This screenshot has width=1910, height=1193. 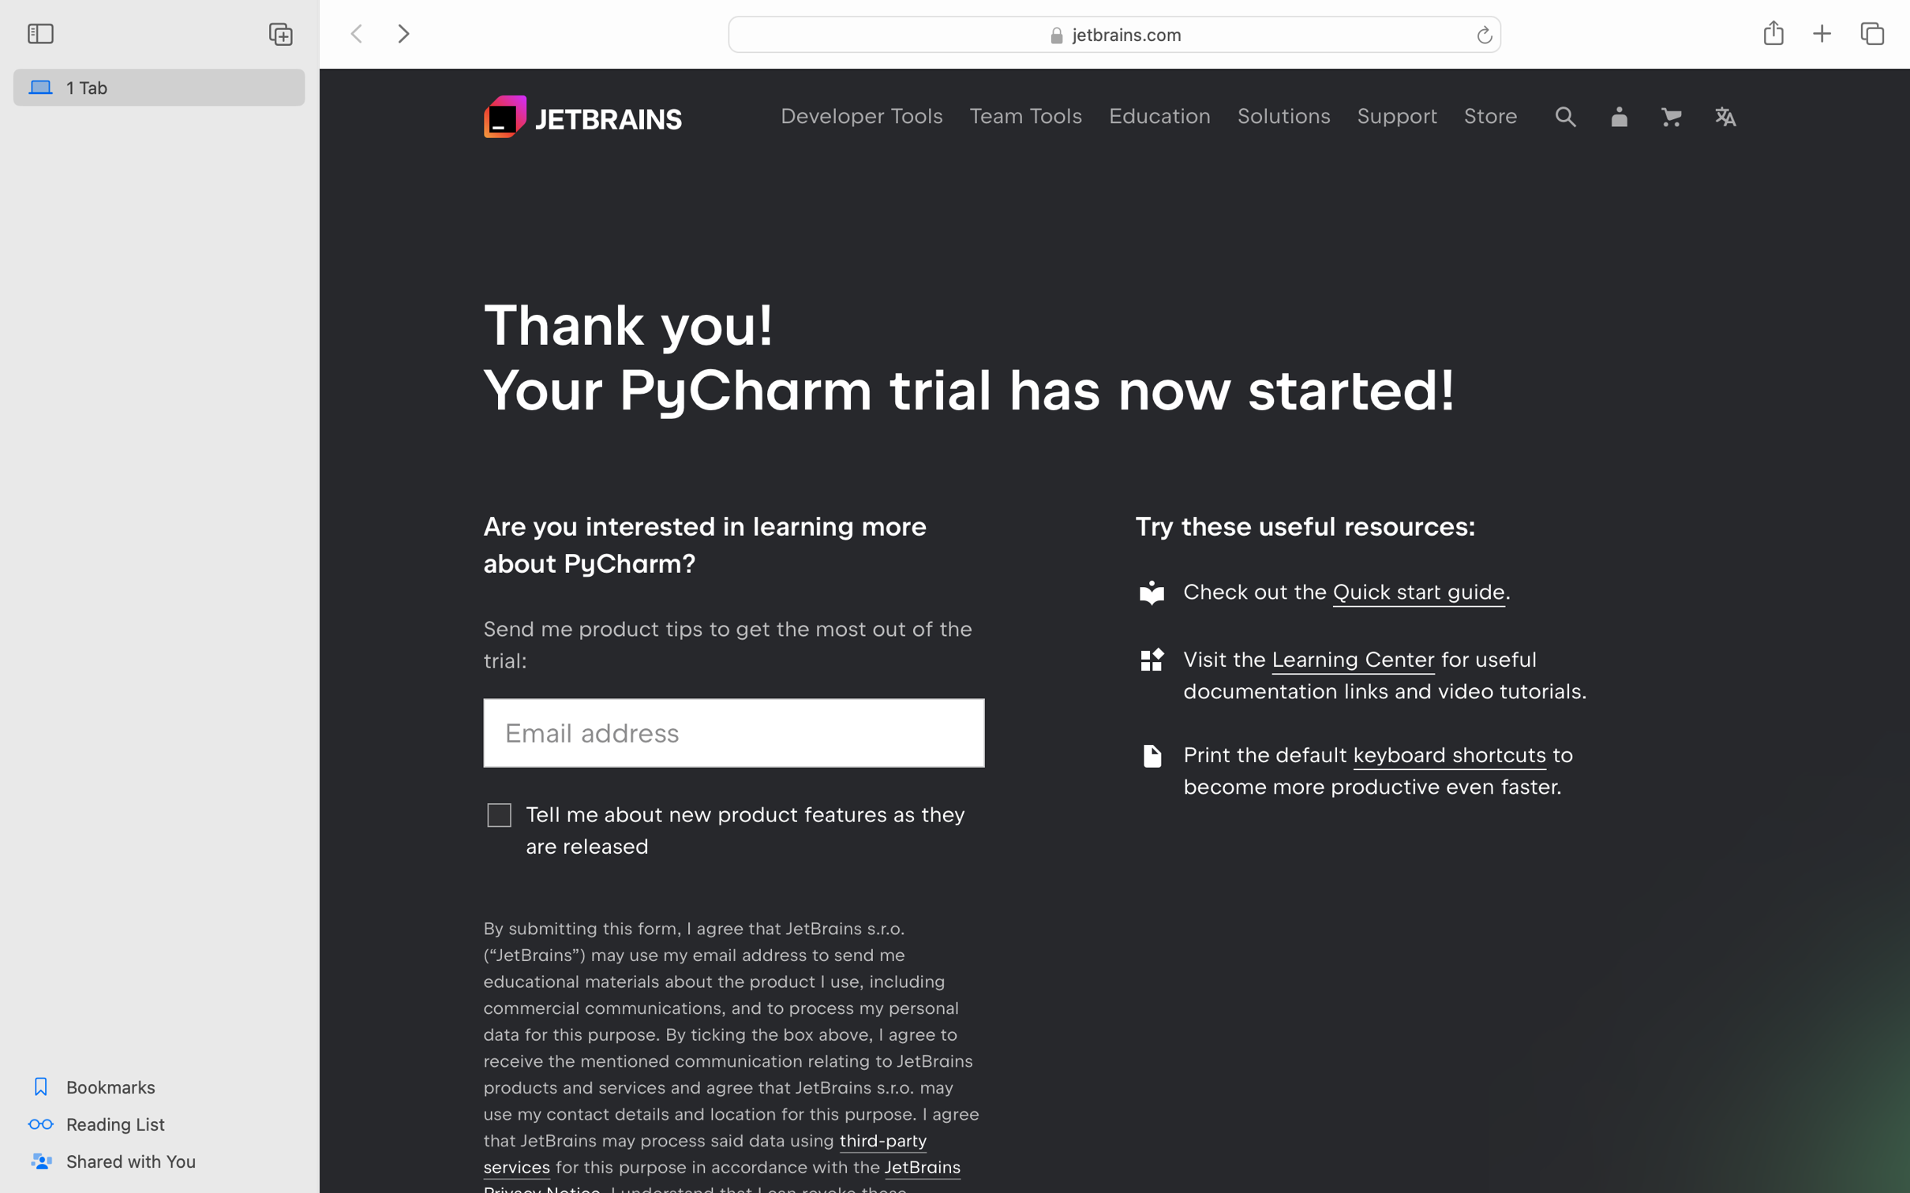 What do you see at coordinates (695, 1193) in the screenshot?
I see `'. I understand that I can revoke these consents at any time in'` at bounding box center [695, 1193].